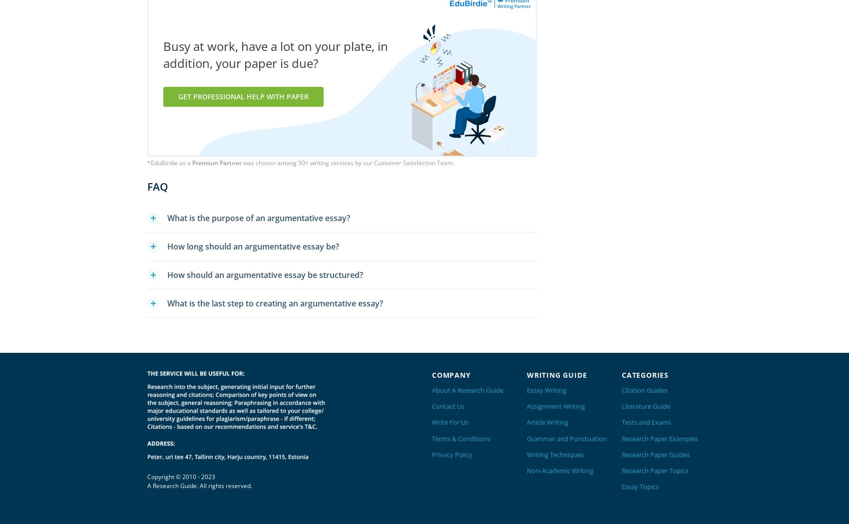  I want to click on 'Terms & Conditions', so click(431, 438).